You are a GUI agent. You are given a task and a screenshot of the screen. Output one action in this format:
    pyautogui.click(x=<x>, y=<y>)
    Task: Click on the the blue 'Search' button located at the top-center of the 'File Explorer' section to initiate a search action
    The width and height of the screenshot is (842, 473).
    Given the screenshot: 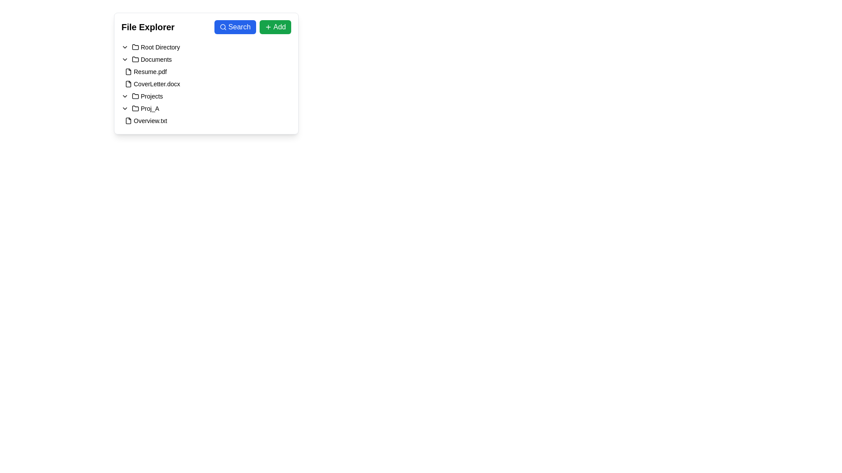 What is the action you would take?
    pyautogui.click(x=252, y=26)
    